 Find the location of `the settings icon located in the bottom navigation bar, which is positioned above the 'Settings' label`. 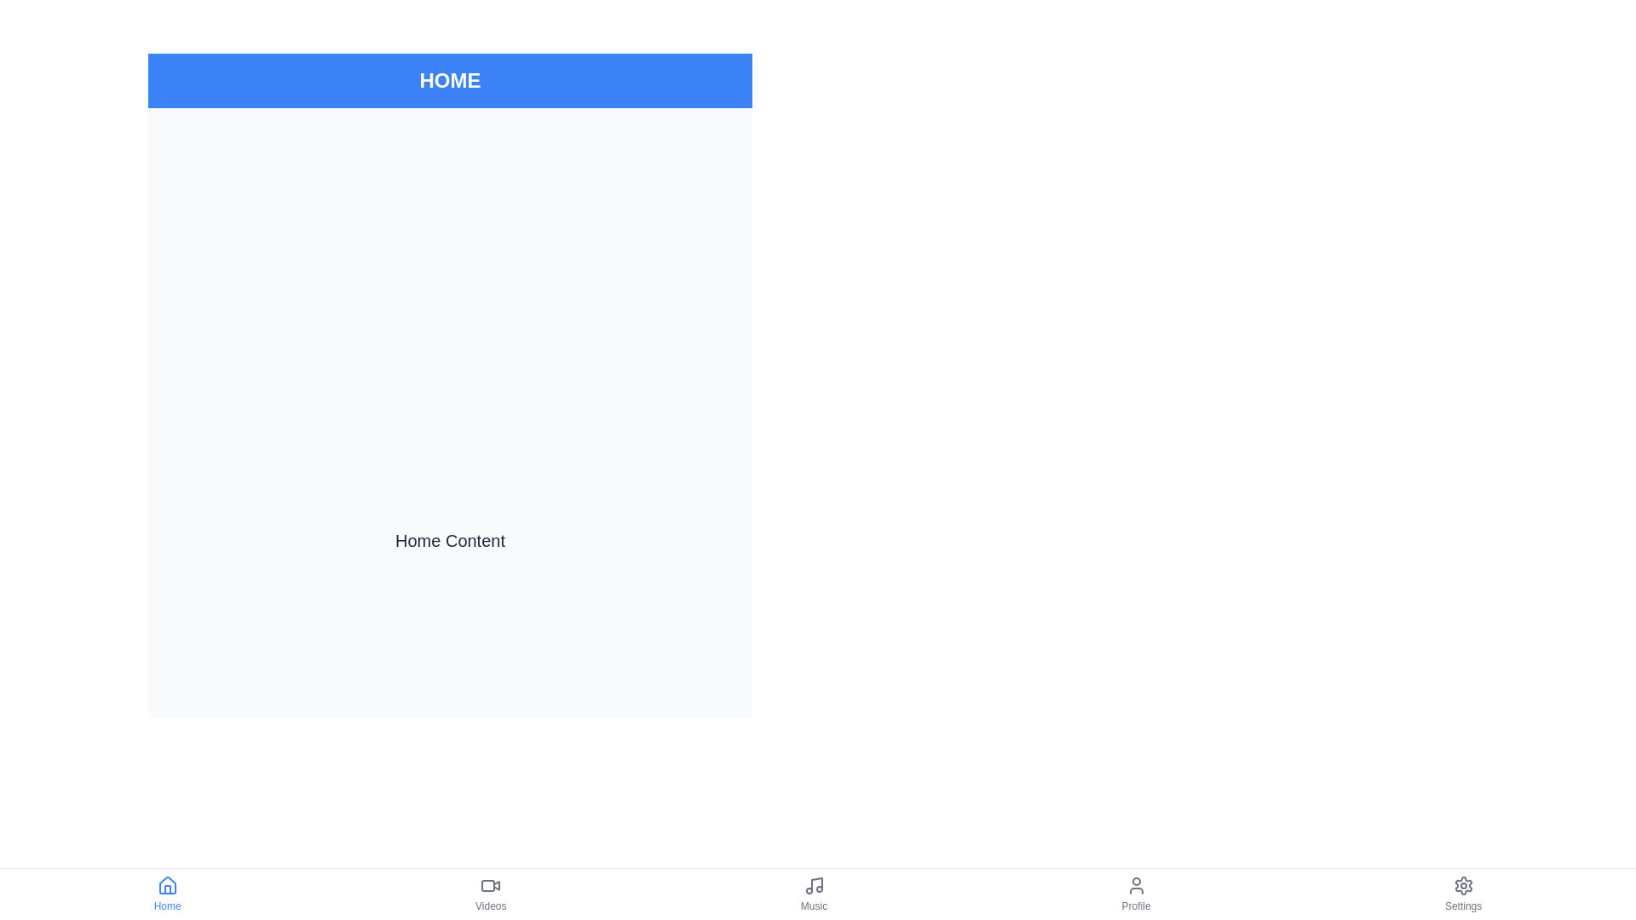

the settings icon located in the bottom navigation bar, which is positioned above the 'Settings' label is located at coordinates (1462, 885).